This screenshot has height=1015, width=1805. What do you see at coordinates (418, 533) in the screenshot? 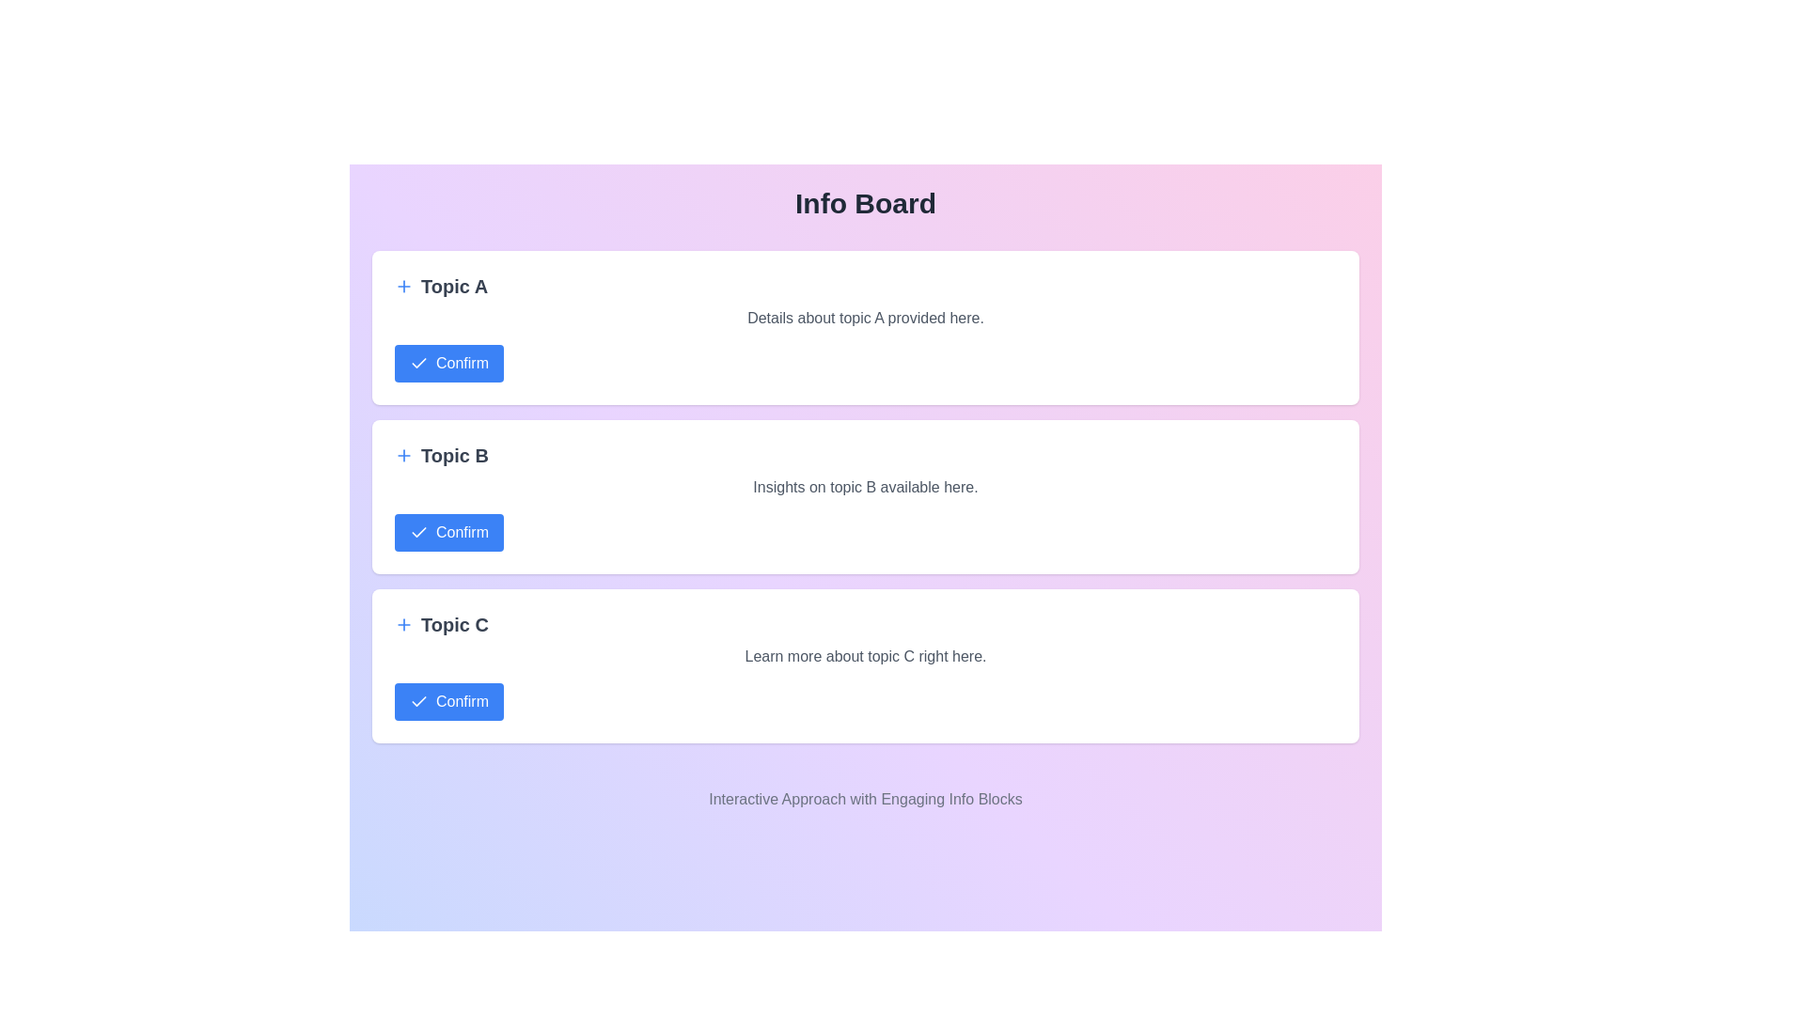
I see `the checkmark icon inside the 'Confirm' button associated with 'Topic B'` at bounding box center [418, 533].